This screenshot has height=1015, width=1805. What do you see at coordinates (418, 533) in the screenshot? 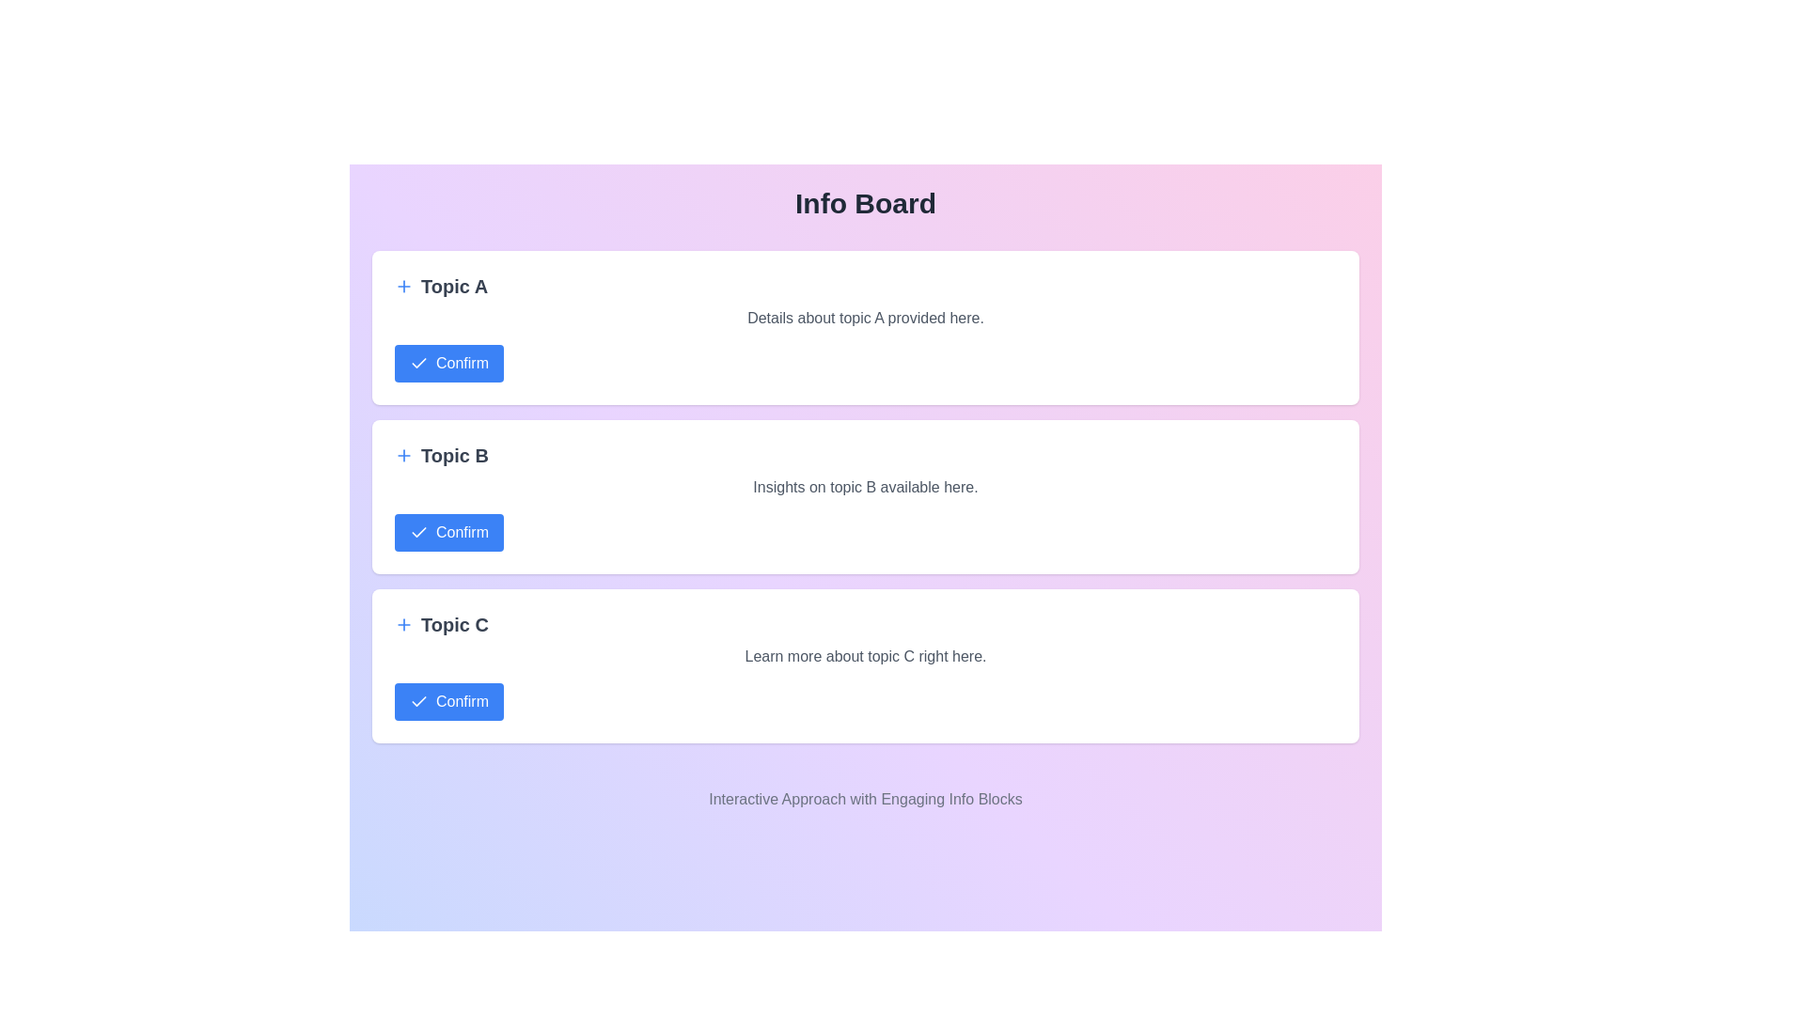
I see `the checkmark icon inside the 'Confirm' button associated with 'Topic B'` at bounding box center [418, 533].